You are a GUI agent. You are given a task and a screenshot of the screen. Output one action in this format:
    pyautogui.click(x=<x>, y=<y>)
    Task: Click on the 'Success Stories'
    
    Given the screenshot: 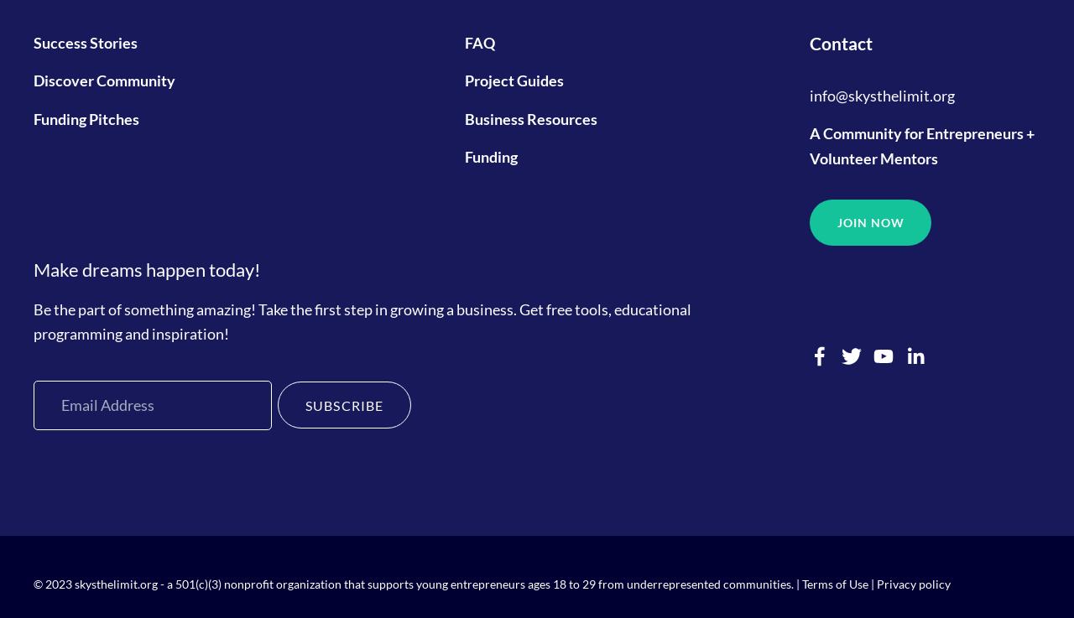 What is the action you would take?
    pyautogui.click(x=83, y=41)
    